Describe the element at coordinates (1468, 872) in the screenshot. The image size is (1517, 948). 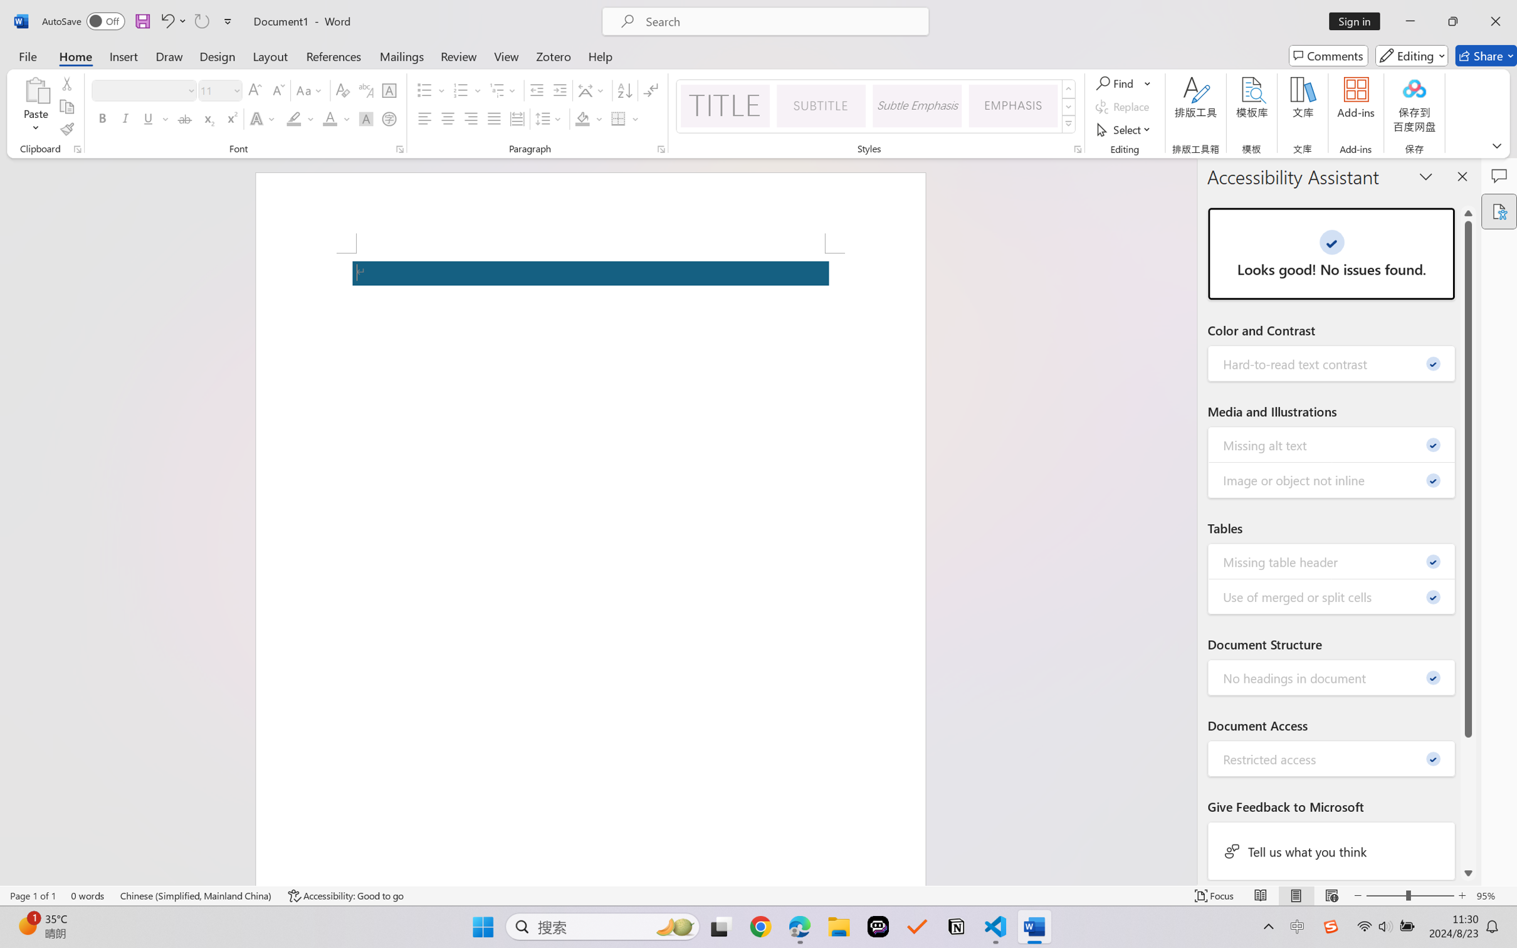
I see `'Line down'` at that location.